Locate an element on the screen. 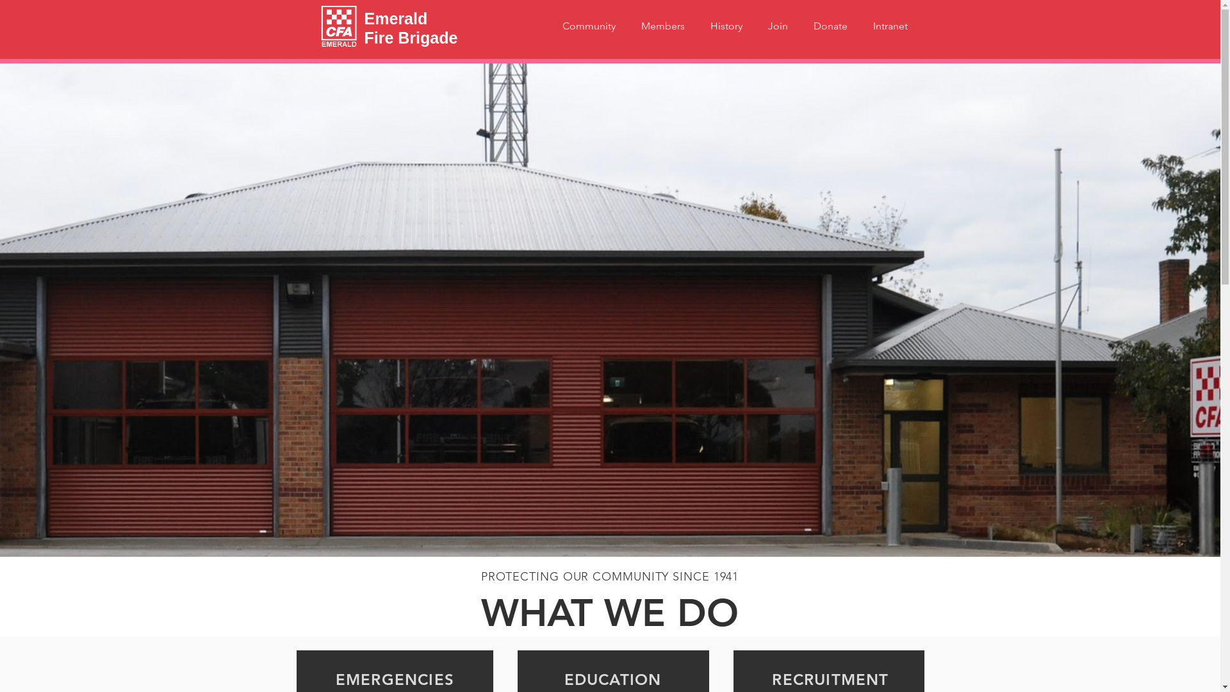  'History' is located at coordinates (725, 26).